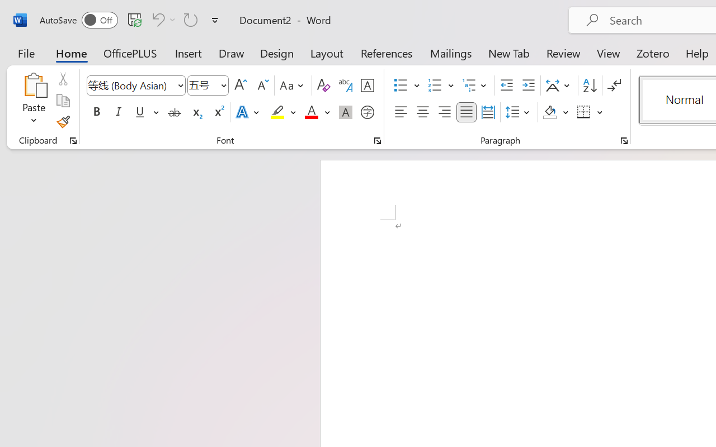 Image resolution: width=716 pixels, height=447 pixels. I want to click on 'Can', so click(156, 19).